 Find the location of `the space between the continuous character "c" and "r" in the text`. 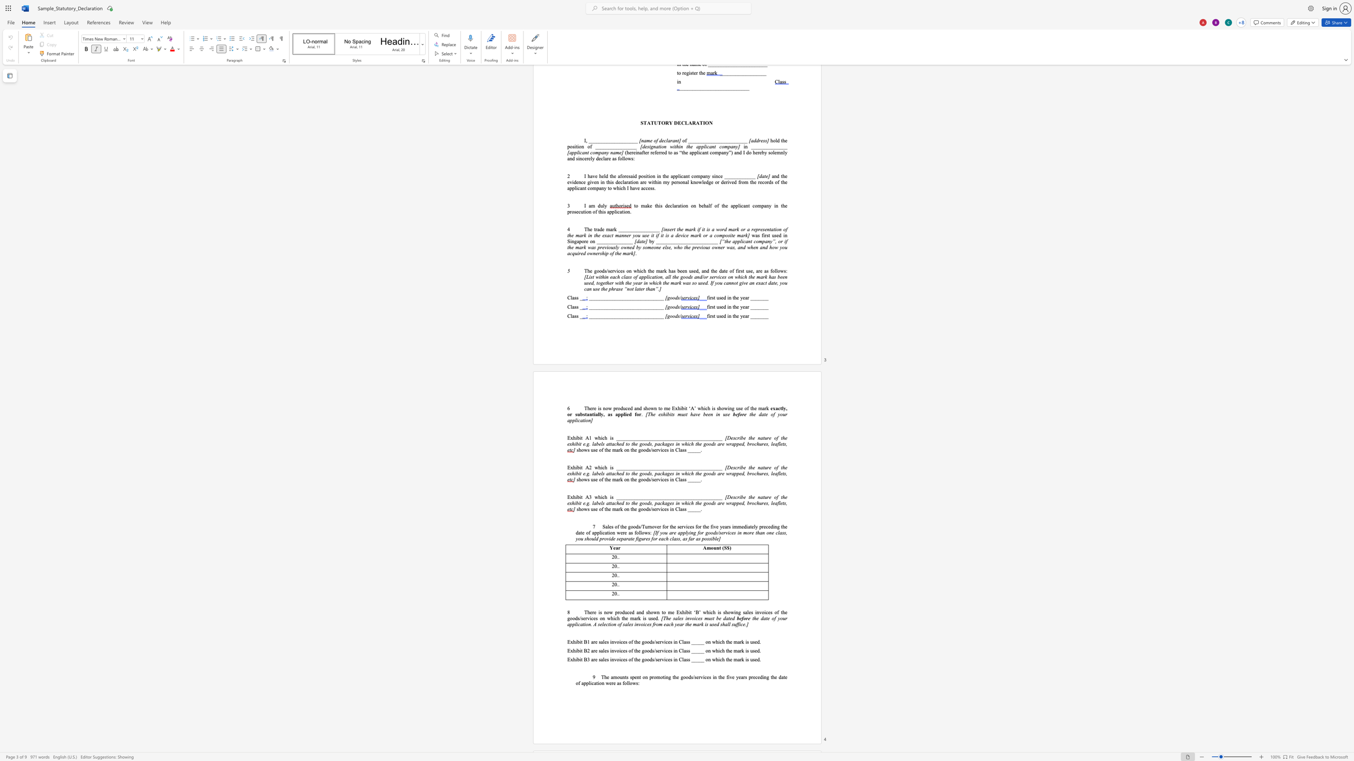

the space between the continuous character "c" and "r" in the text is located at coordinates (737, 496).